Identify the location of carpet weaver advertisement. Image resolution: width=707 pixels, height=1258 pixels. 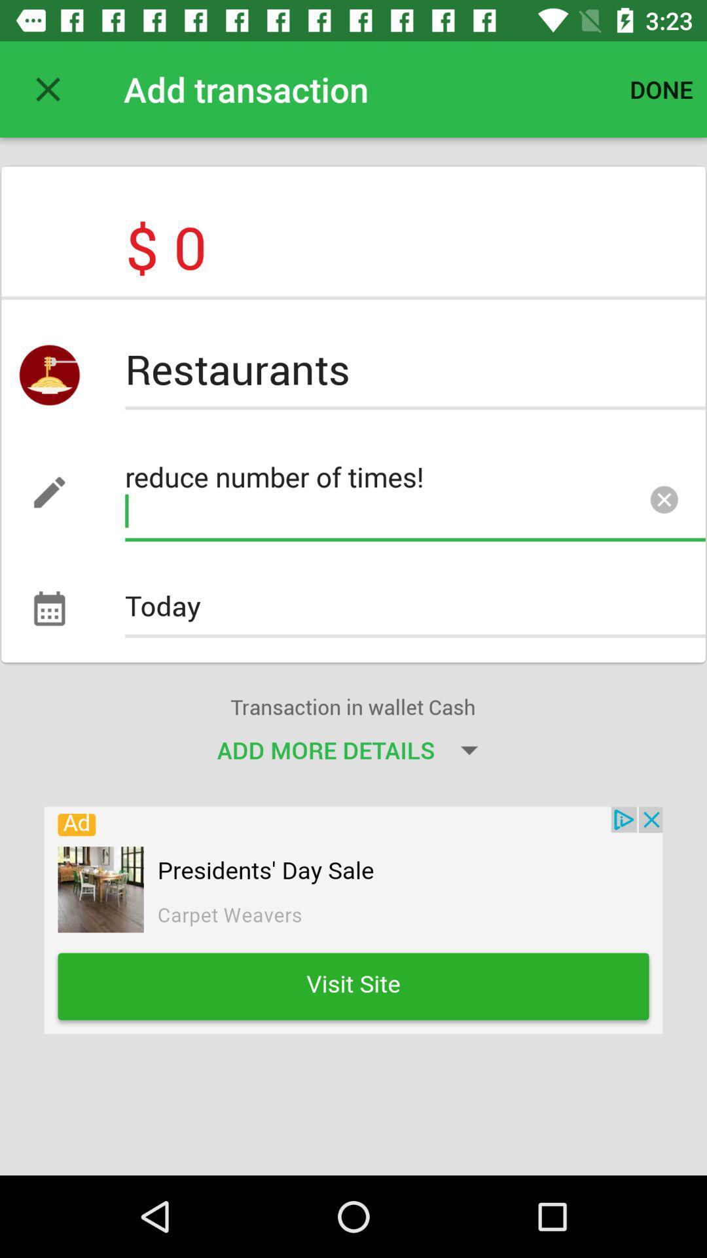
(353, 919).